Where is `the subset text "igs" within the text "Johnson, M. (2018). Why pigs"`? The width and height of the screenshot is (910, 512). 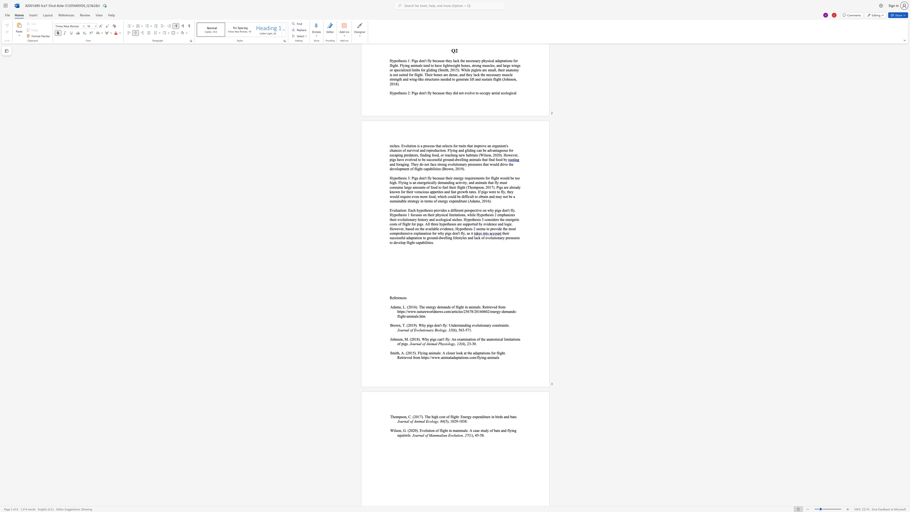
the subset text "igs" within the text "Johnson, M. (2018). Why pigs" is located at coordinates (432, 339).